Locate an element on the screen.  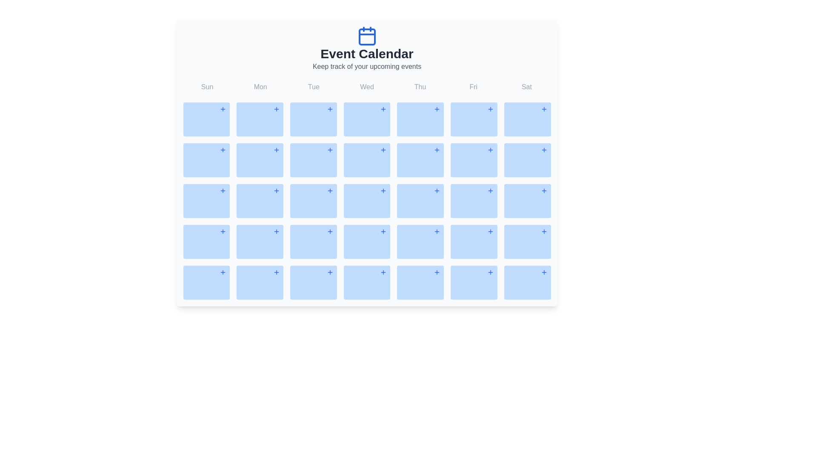
the blue plus sign icon button located at the top-right corner inside the fourth row and first column of the calendar grid is located at coordinates (223, 231).